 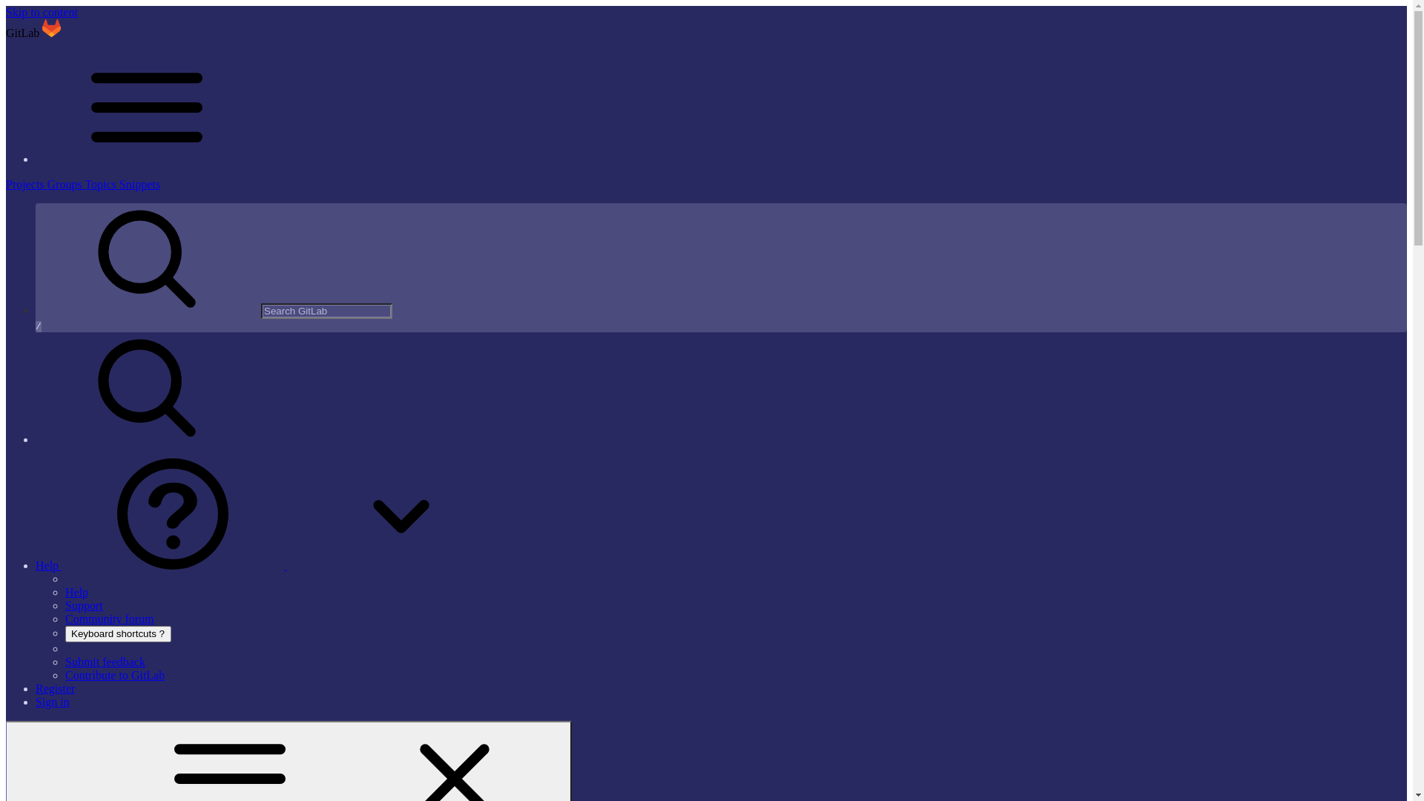 I want to click on 'Support', so click(x=83, y=605).